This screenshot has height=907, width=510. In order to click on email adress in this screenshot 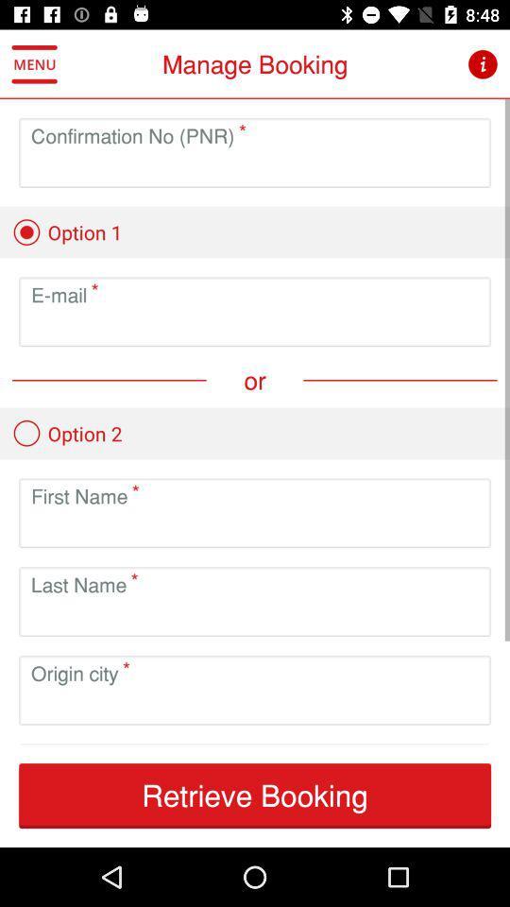, I will do `click(255, 327)`.